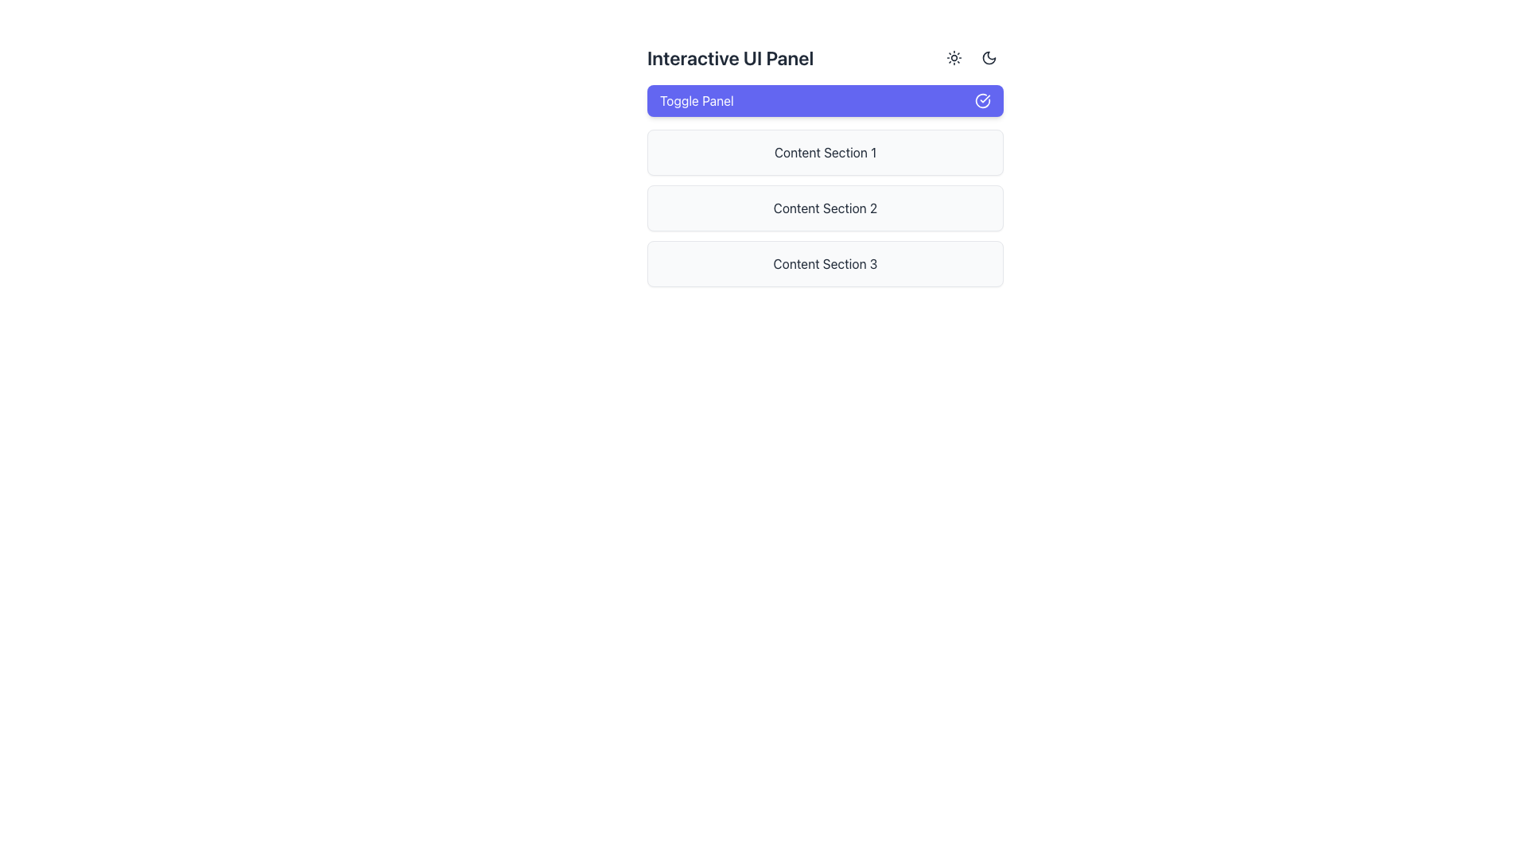 This screenshot has width=1527, height=859. Describe the element at coordinates (988, 57) in the screenshot. I see `the night mode toggle icon located to the right of the title text 'Interactive UI Panel' in the upper right section of the interface` at that location.